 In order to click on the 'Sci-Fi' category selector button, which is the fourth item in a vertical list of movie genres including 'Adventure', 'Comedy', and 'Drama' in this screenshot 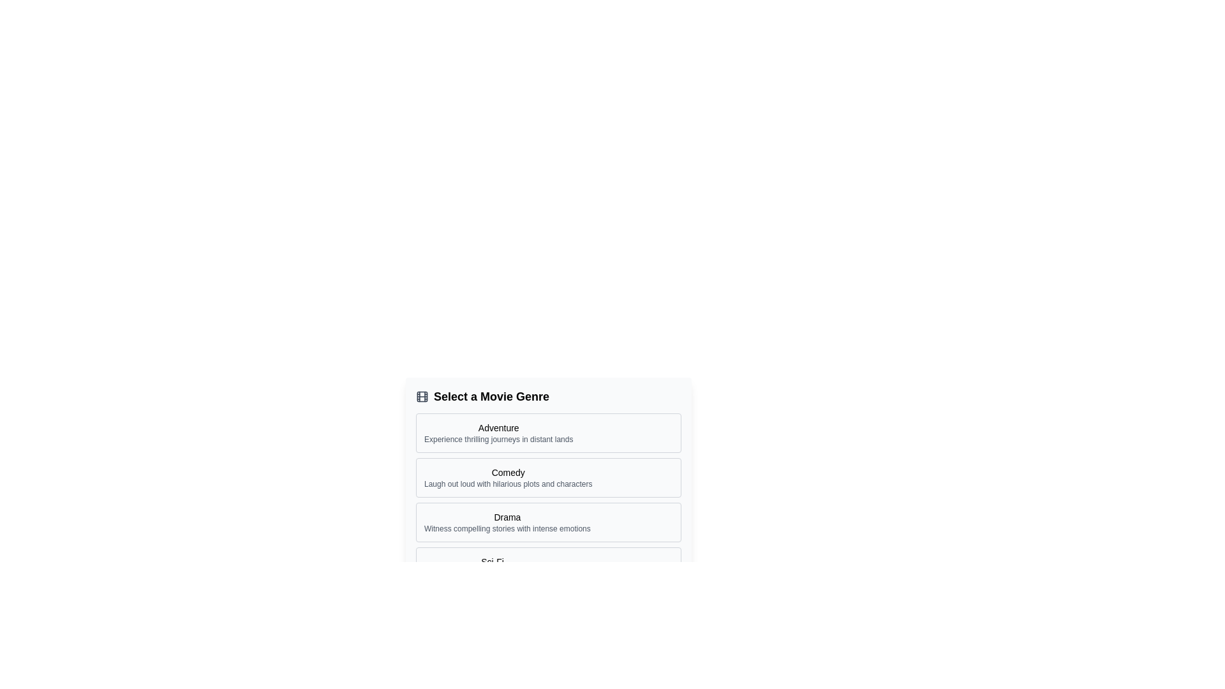, I will do `click(548, 566)`.